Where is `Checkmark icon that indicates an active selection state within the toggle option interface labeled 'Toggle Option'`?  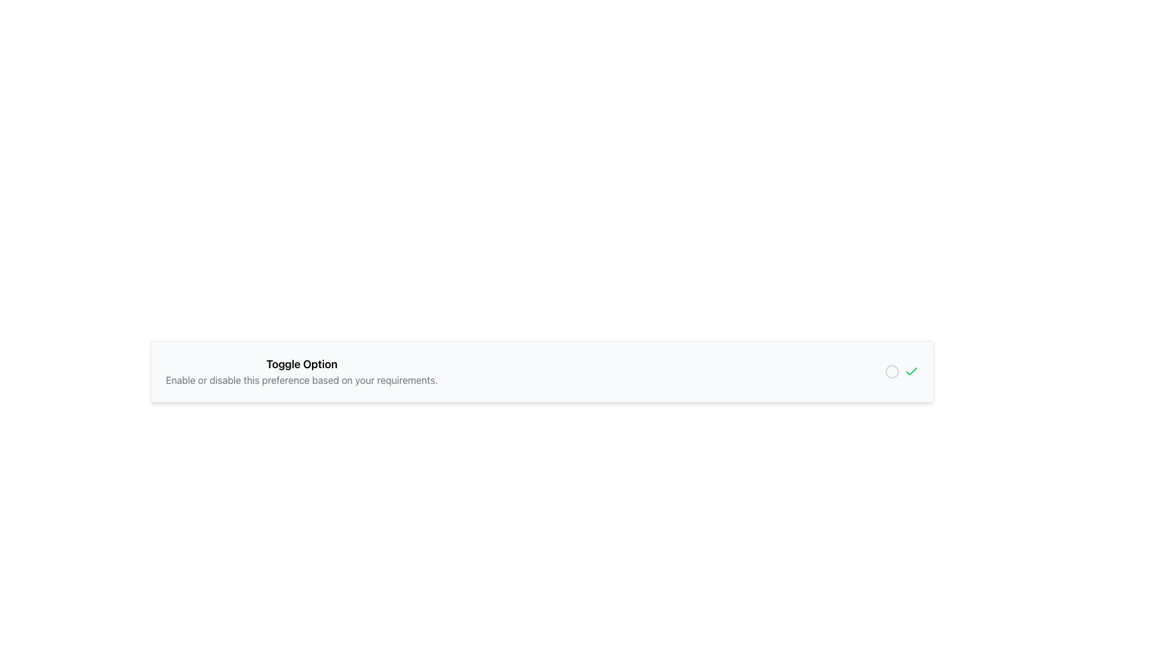
Checkmark icon that indicates an active selection state within the toggle option interface labeled 'Toggle Option' is located at coordinates (912, 371).